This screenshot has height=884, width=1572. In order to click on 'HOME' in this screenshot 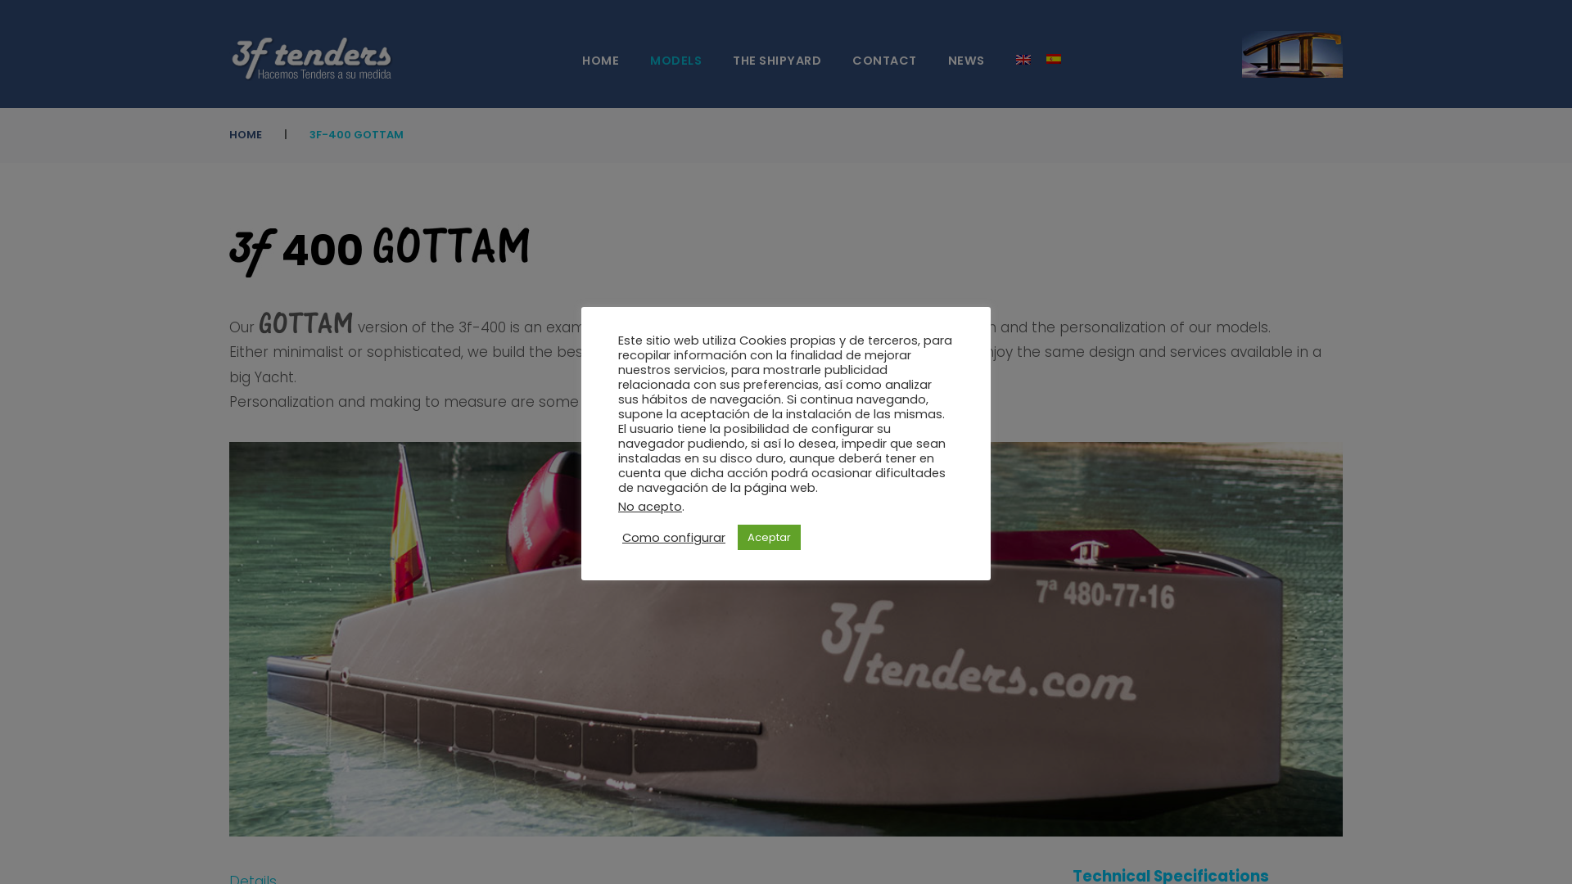, I will do `click(599, 61)`.